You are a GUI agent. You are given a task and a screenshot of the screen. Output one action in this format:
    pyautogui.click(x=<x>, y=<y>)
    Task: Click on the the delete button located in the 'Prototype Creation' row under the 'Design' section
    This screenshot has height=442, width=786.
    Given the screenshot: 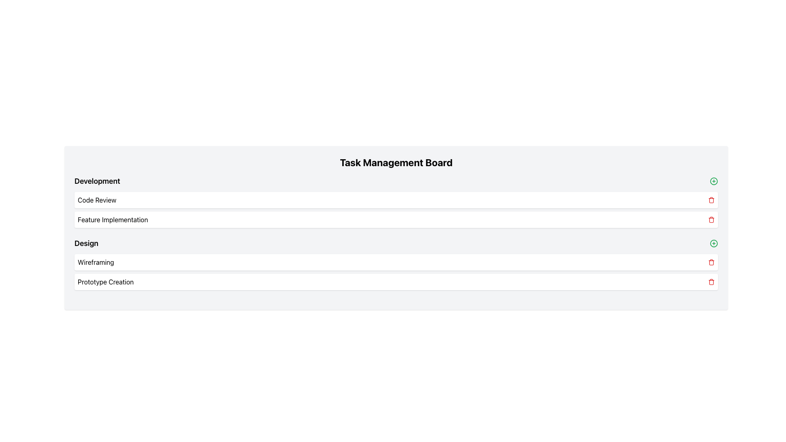 What is the action you would take?
    pyautogui.click(x=711, y=282)
    